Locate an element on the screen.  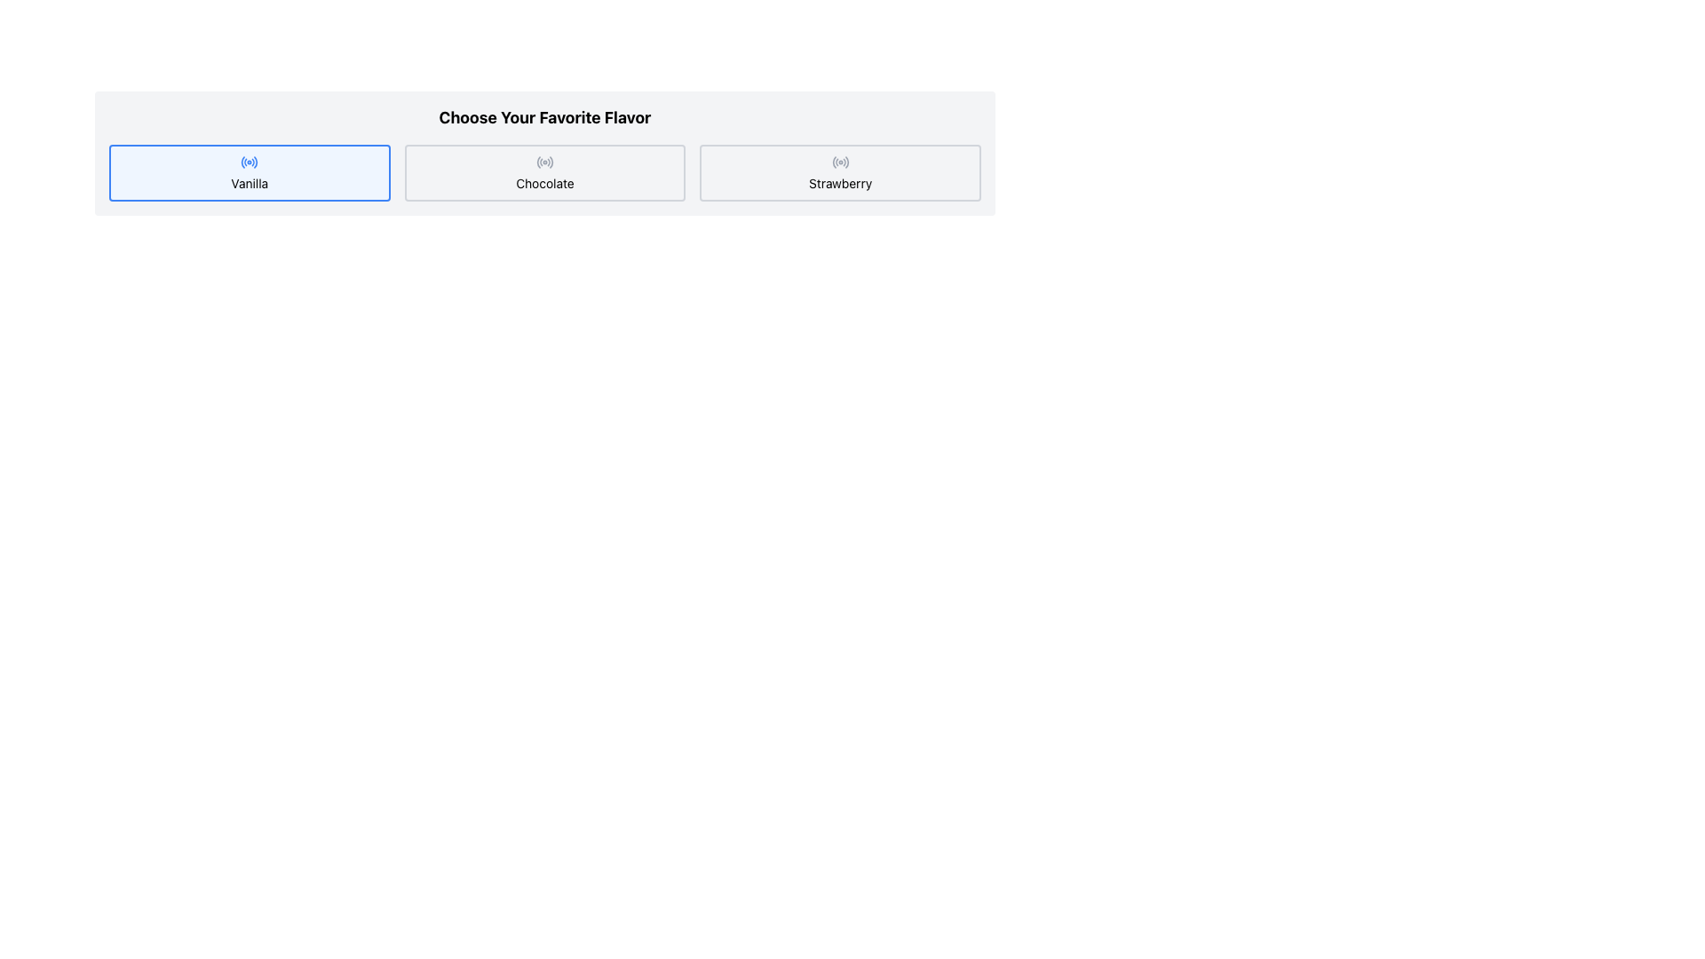
the text label for the 'Strawberry' option located directly below the radio button icon, positioned to the far right among the three flavor options is located at coordinates (839, 184).